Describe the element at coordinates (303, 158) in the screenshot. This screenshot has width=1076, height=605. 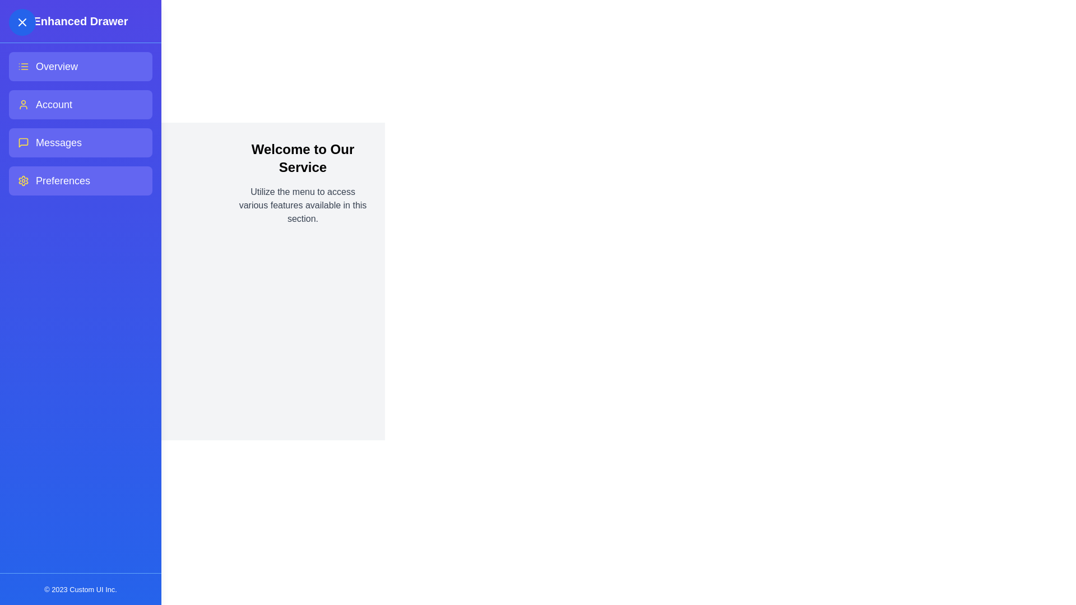
I see `the welcoming Text Header located at the top-left region of the main content area, which introduces the user to the main functionality of the application` at that location.